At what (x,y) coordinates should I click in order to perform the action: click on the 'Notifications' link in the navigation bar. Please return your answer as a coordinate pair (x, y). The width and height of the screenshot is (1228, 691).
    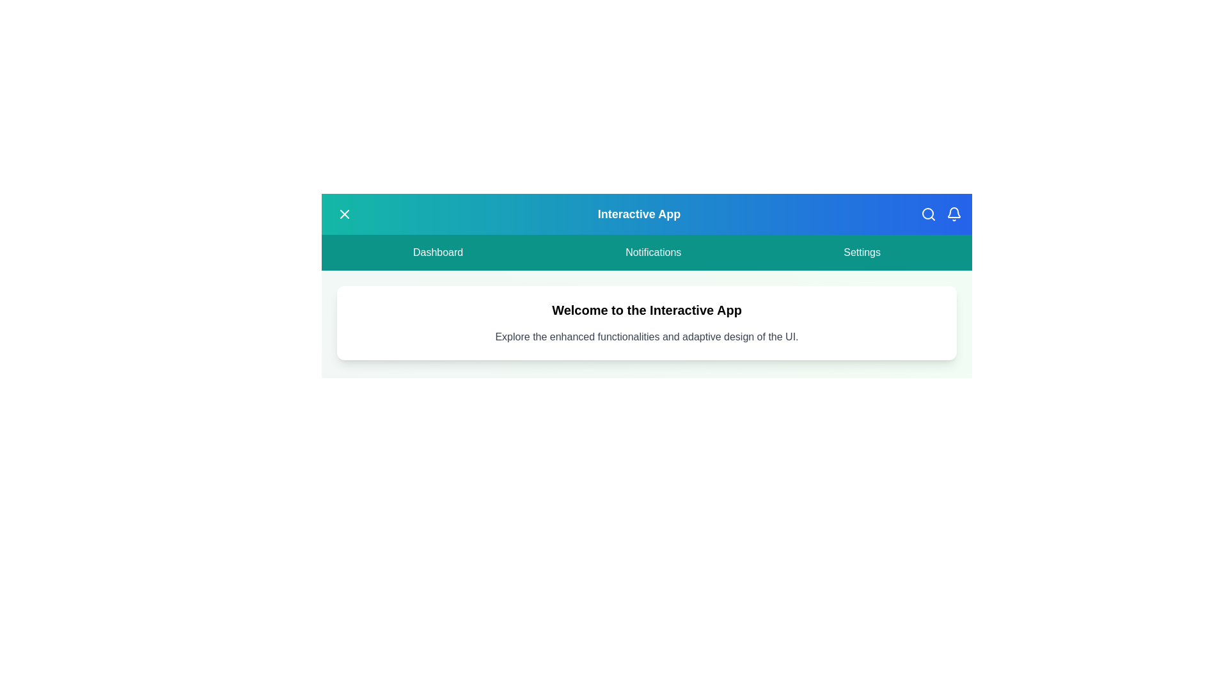
    Looking at the image, I should click on (653, 252).